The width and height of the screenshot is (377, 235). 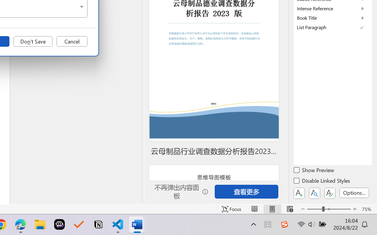 What do you see at coordinates (333, 8) in the screenshot?
I see `'Intense Reference'` at bounding box center [333, 8].